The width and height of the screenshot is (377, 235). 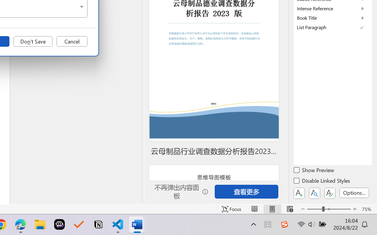 What do you see at coordinates (333, 8) in the screenshot?
I see `'Intense Reference'` at bounding box center [333, 8].